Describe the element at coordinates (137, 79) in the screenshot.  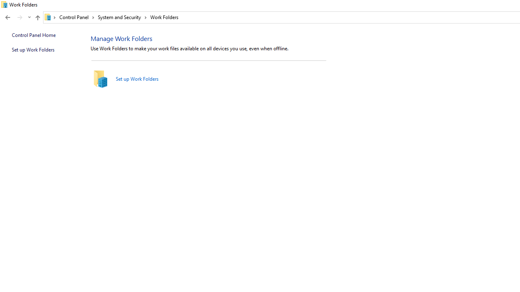
I see `'Set up Work Folders'` at that location.